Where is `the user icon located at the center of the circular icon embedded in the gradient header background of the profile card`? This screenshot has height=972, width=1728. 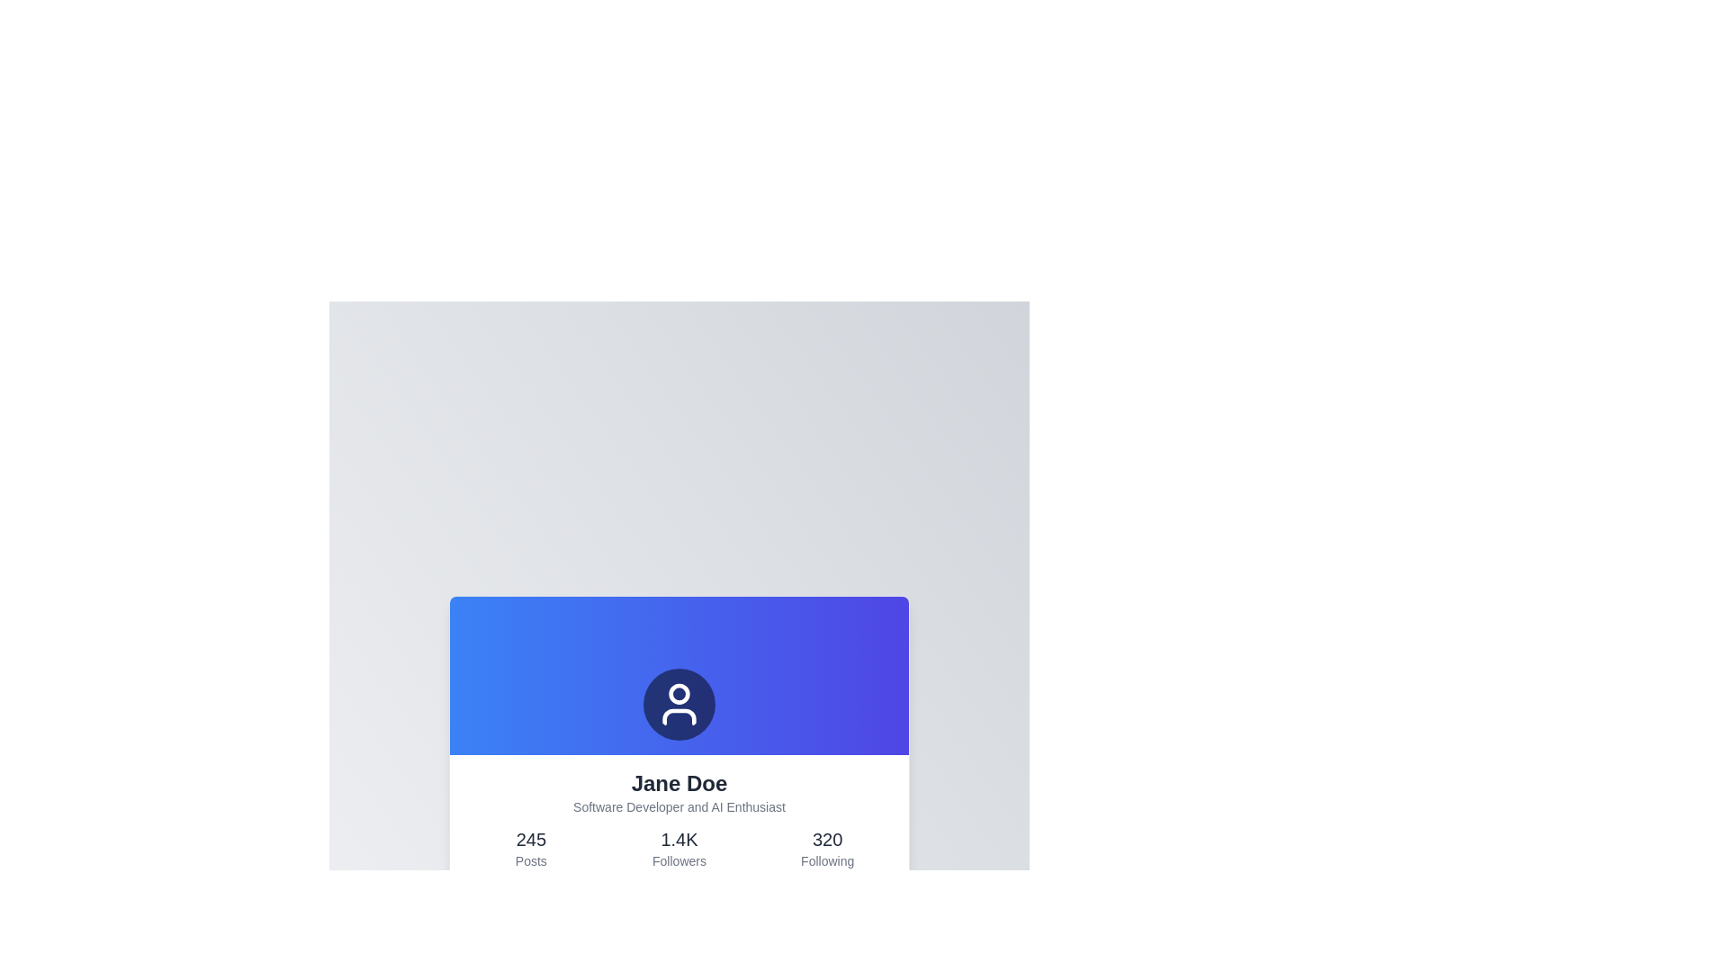
the user icon located at the center of the circular icon embedded in the gradient header background of the profile card is located at coordinates (678, 676).